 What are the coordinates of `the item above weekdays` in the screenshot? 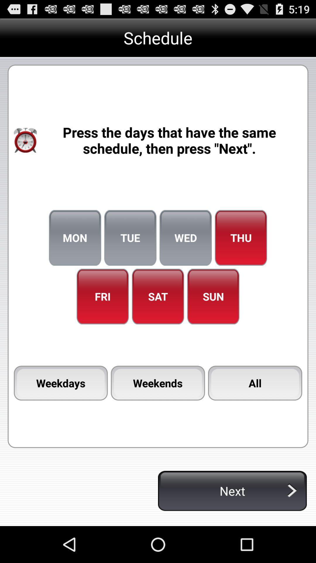 It's located at (102, 296).